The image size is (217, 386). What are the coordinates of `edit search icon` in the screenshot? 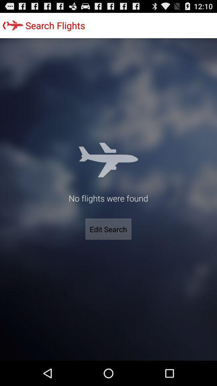 It's located at (108, 229).